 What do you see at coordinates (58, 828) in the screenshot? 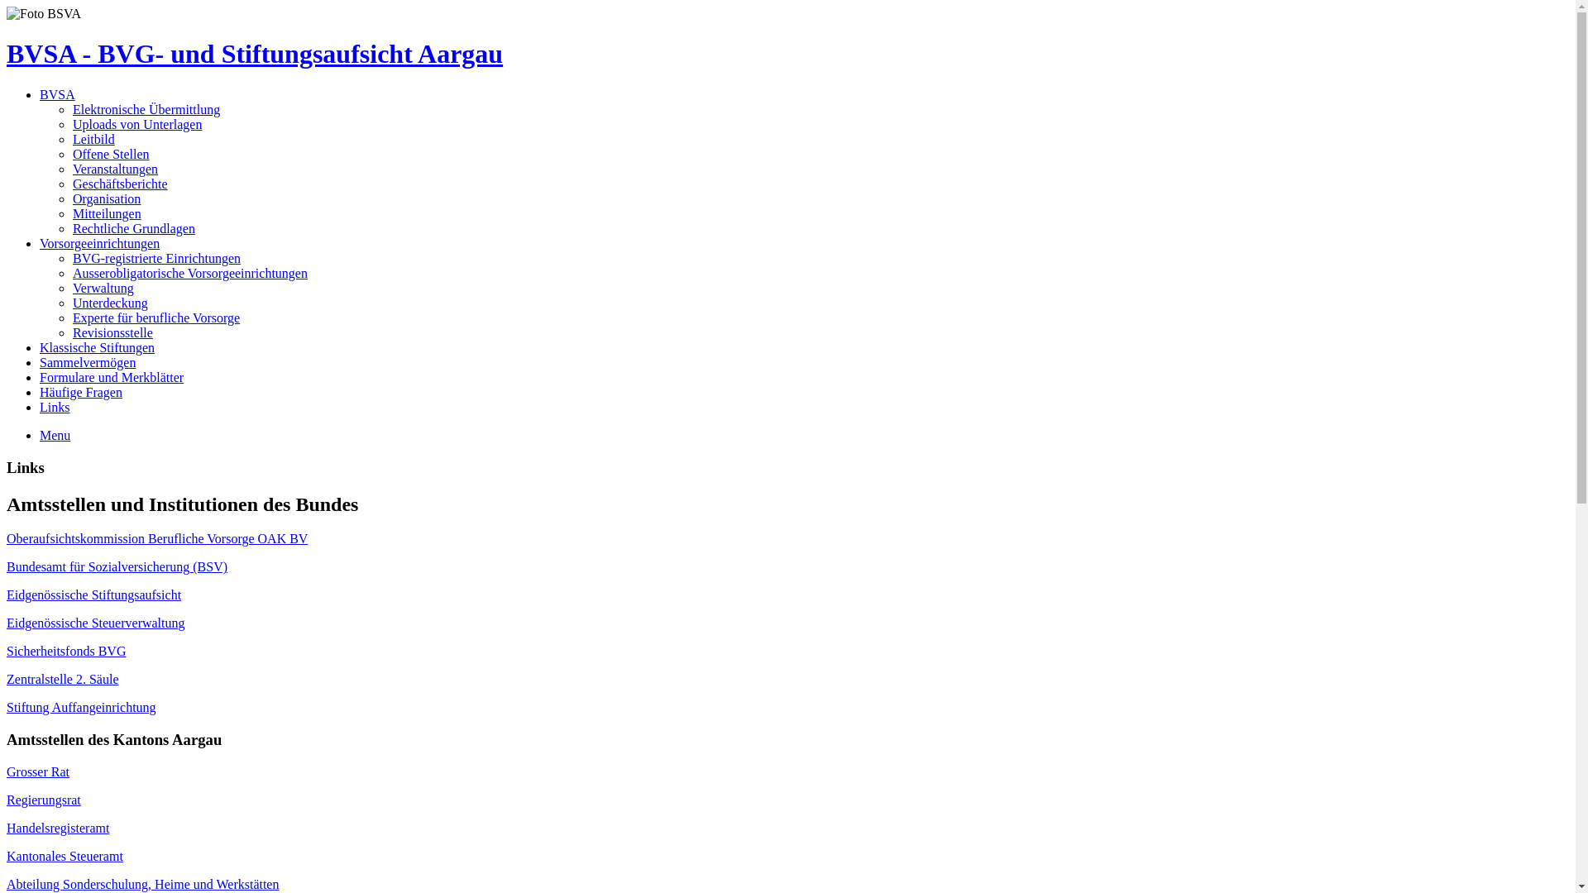
I see `'Handelsregisteramt'` at bounding box center [58, 828].